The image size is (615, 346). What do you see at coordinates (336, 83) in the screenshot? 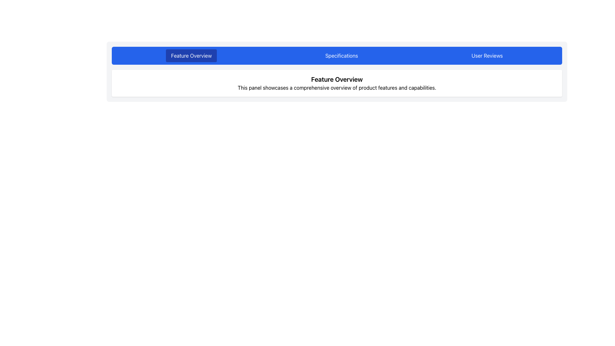
I see `the Informational Panel that displays a summary of product features and capabilities, located centrally below the navigation bar` at bounding box center [336, 83].